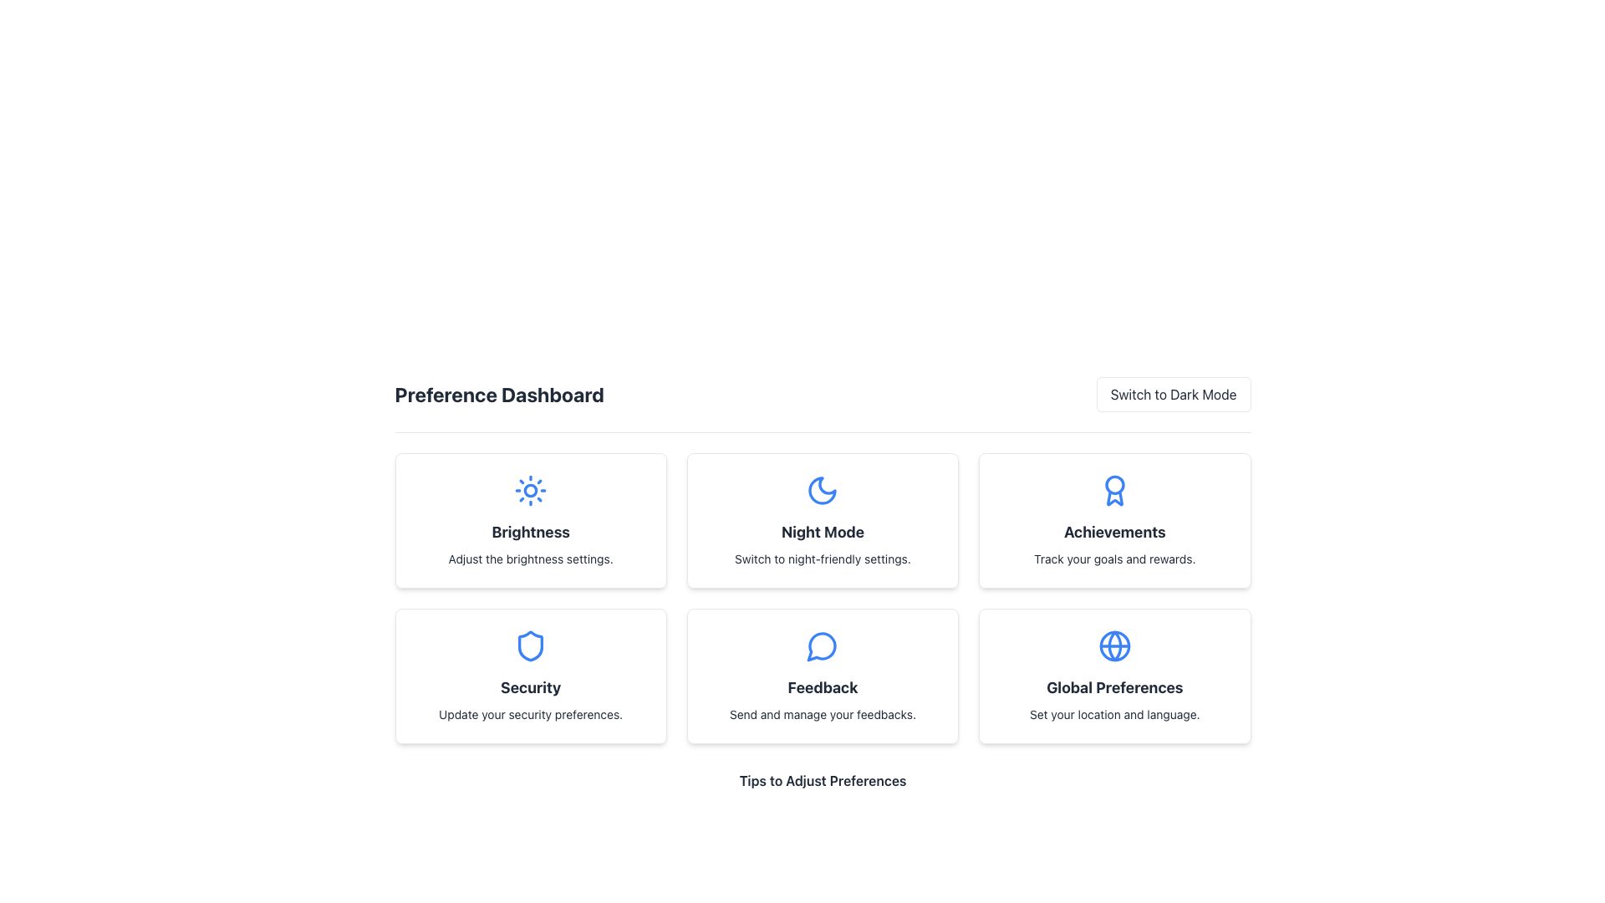  I want to click on the 'Feedback' interactive card, which features a blue speech bubble icon at the top and the text 'Send and manage your feedbacks.', so click(823, 676).